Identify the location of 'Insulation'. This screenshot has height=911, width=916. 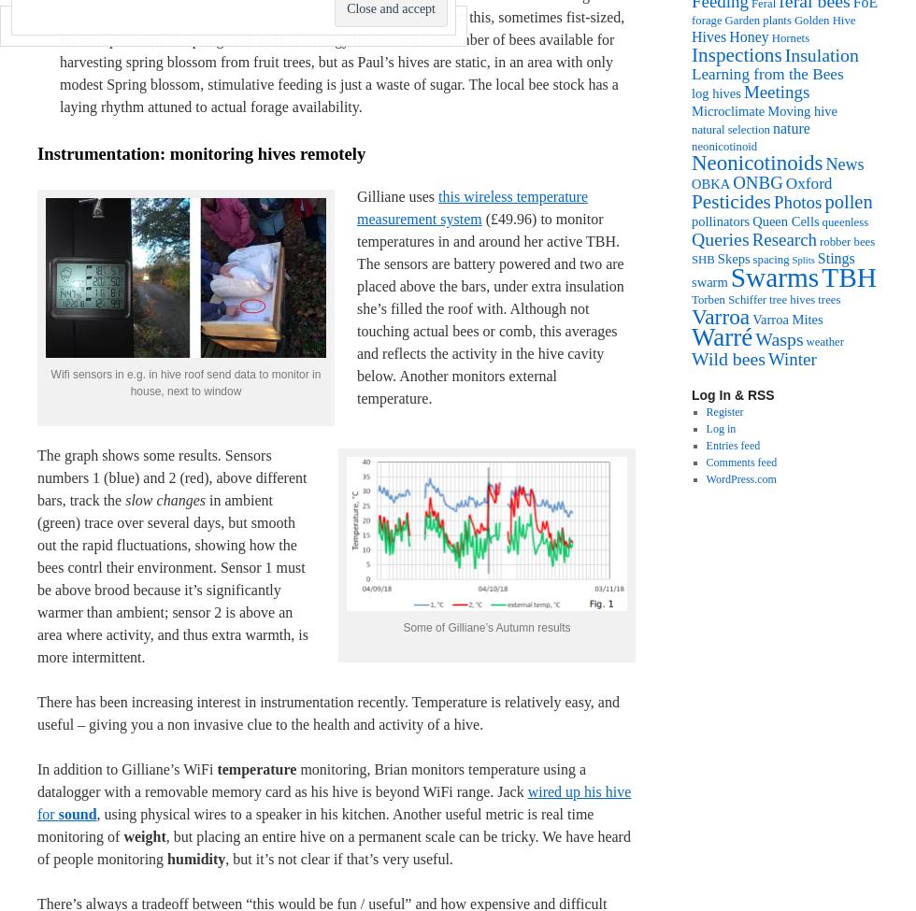
(821, 54).